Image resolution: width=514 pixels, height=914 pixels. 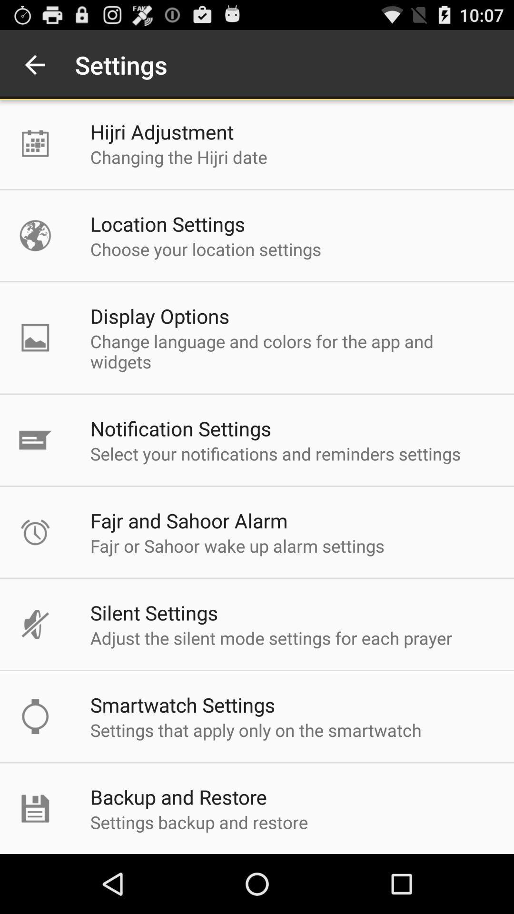 I want to click on changing the hijri icon, so click(x=178, y=157).